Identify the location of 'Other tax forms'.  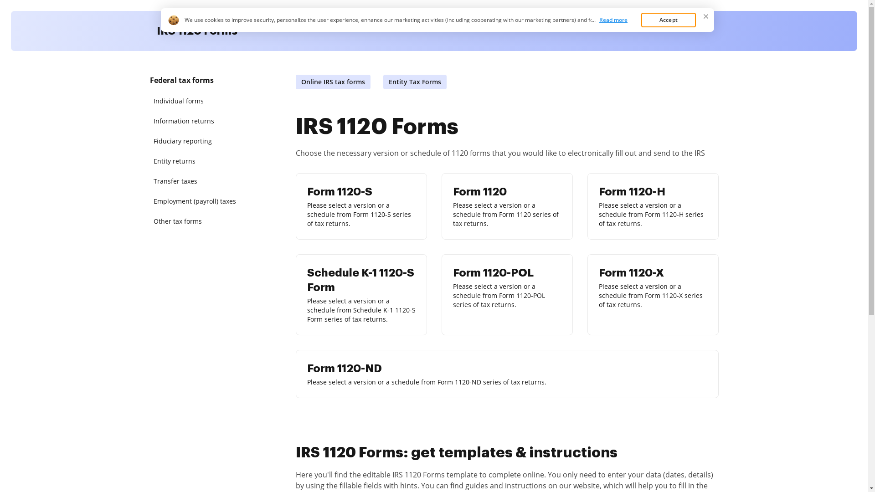
(196, 221).